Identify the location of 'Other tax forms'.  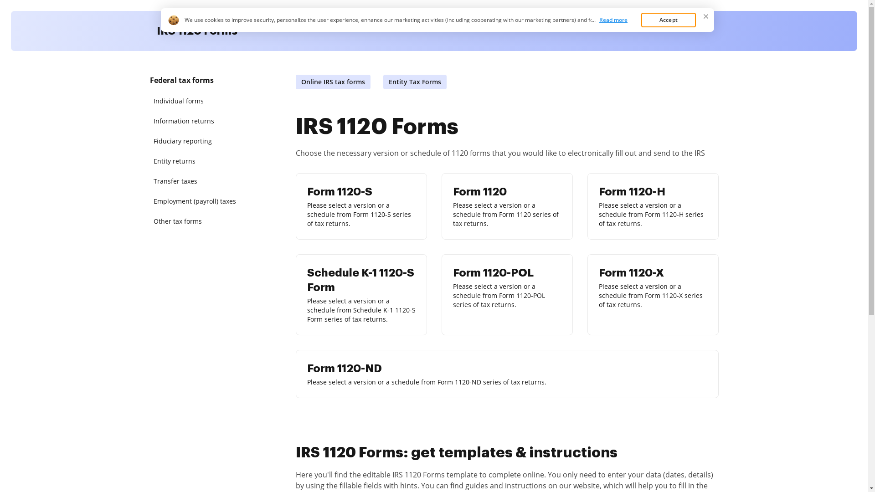
(196, 221).